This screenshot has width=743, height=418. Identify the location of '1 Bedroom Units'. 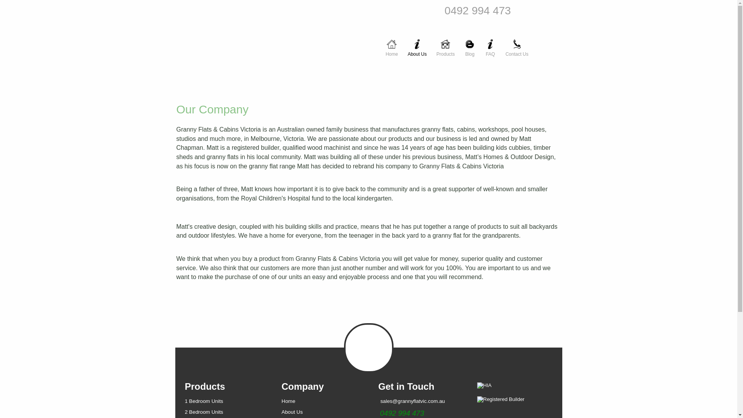
(204, 401).